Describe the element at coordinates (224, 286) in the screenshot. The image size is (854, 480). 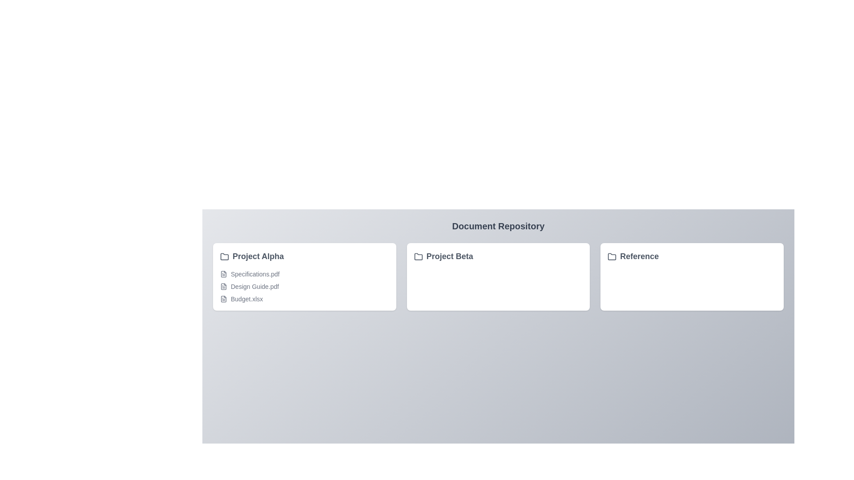
I see `the file icon representing 'Design Guide.pdf' in the second row of the file list under 'Project Alpha' for interaction` at that location.